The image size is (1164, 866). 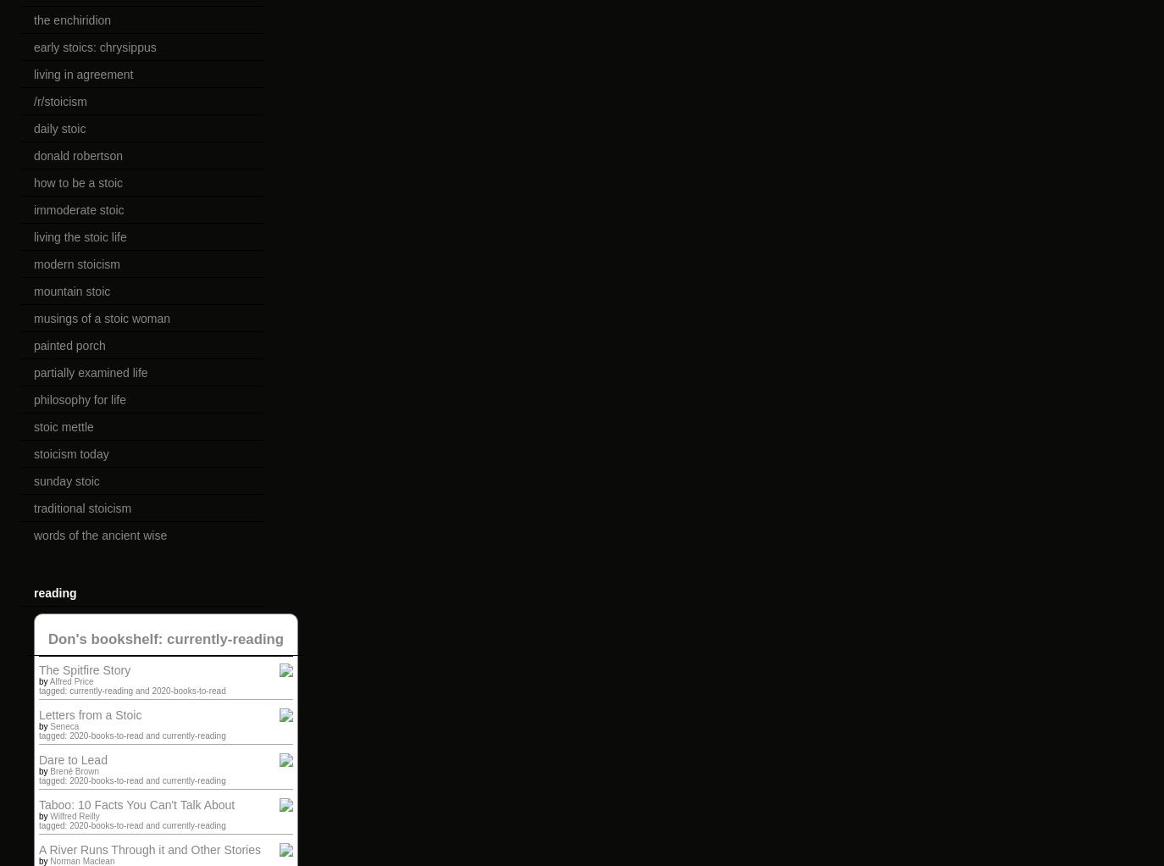 I want to click on 'Dare to Lead', so click(x=38, y=759).